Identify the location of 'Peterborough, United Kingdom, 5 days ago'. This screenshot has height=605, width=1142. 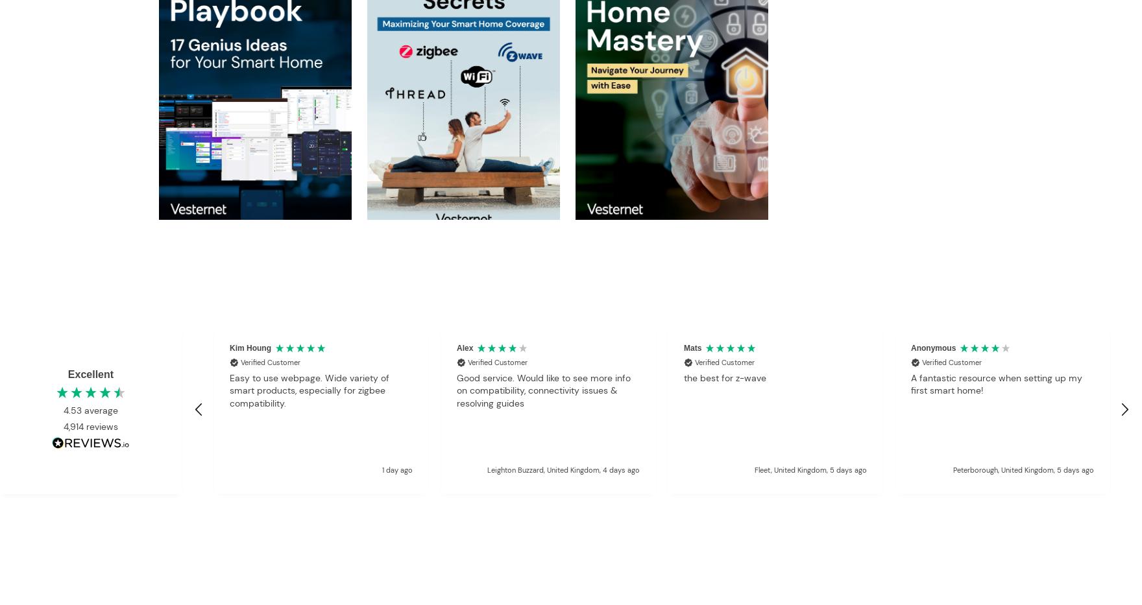
(1023, 469).